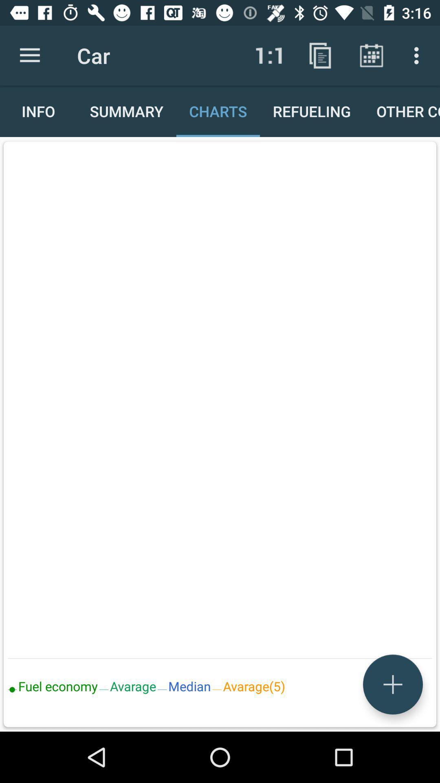  I want to click on the add icon, so click(392, 684).